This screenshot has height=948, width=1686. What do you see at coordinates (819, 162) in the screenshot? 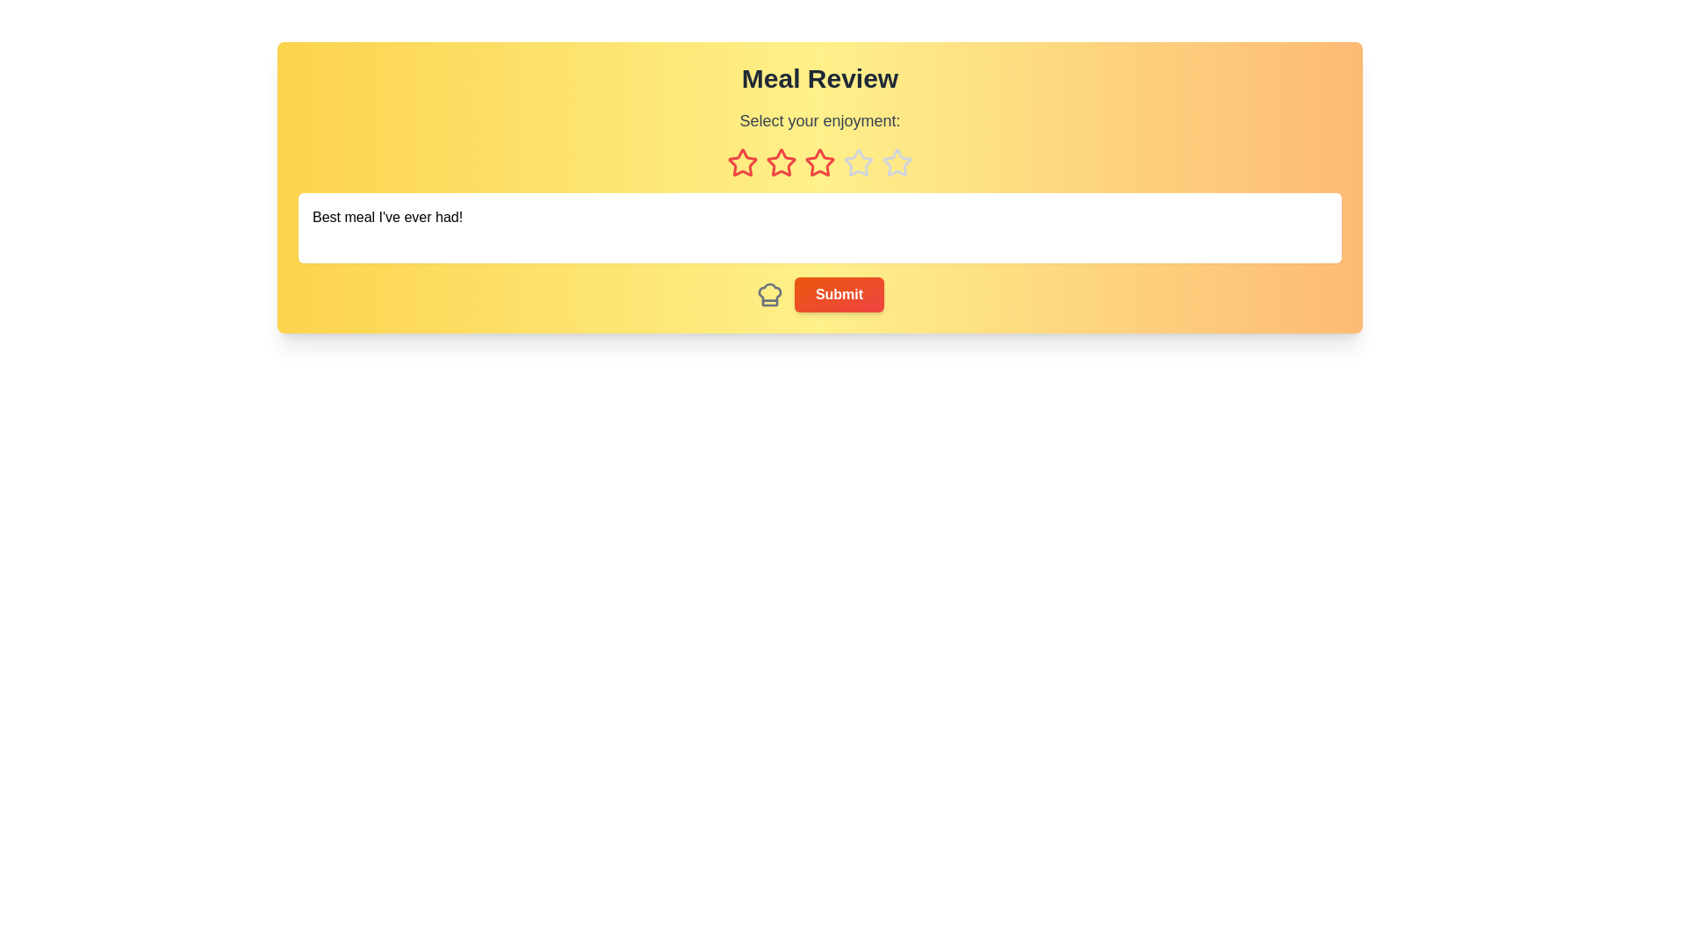
I see `the third red-colored empty star icon in the horizontal row of five rating stars, located under the text 'Select your enjoyment:' and above the review text box` at bounding box center [819, 162].